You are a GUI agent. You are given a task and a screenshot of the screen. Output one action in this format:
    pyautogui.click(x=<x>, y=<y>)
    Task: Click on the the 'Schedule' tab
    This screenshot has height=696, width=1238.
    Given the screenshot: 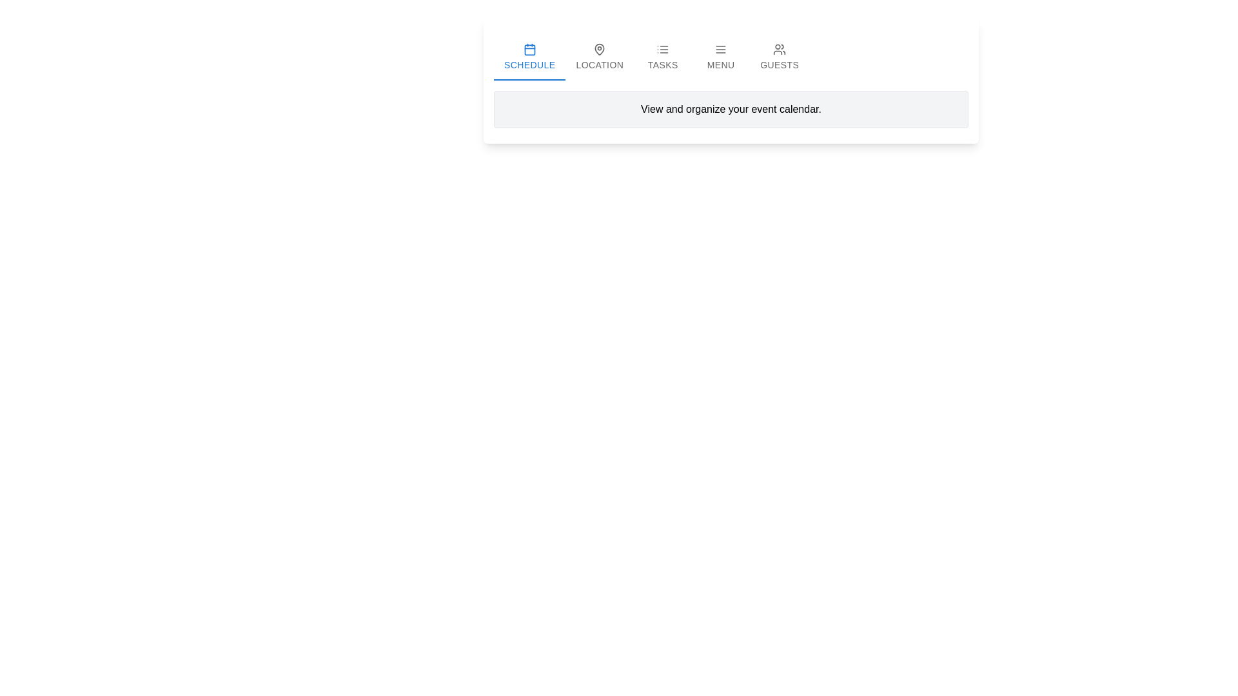 What is the action you would take?
    pyautogui.click(x=529, y=56)
    